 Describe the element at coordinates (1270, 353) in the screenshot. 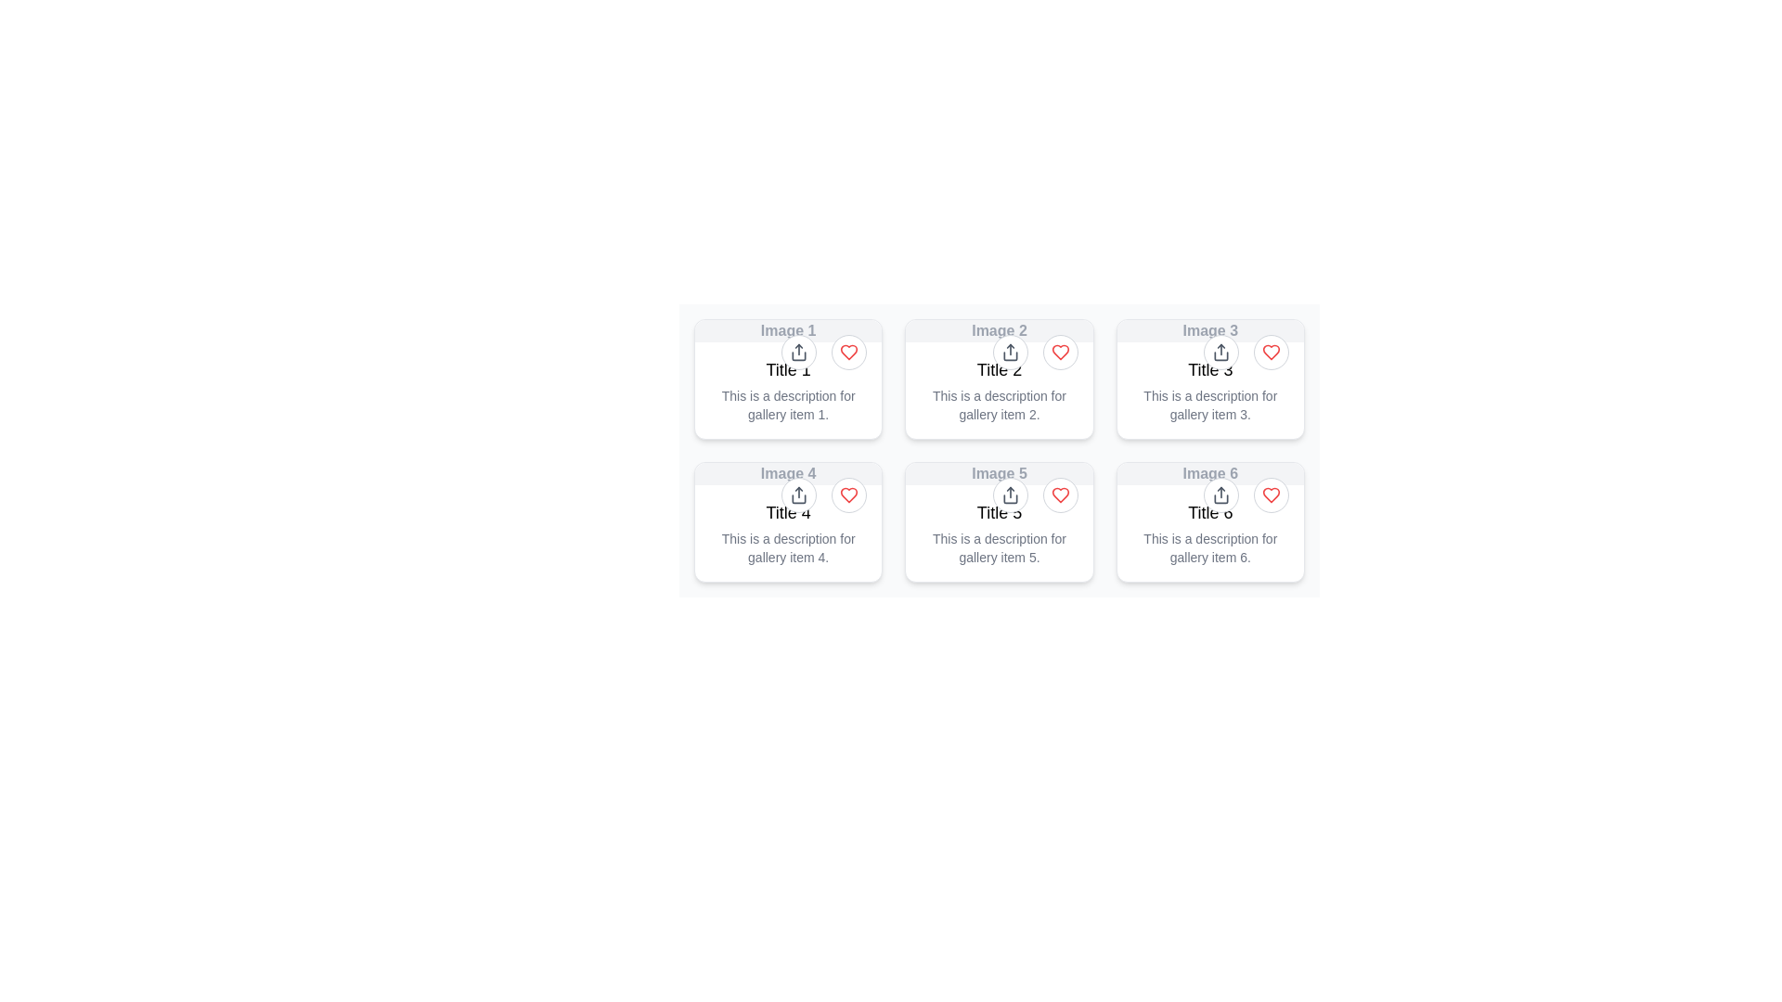

I see `the 'like' button located in the top-right corner of the card labeled 'Title 3' to express liking for the content` at that location.